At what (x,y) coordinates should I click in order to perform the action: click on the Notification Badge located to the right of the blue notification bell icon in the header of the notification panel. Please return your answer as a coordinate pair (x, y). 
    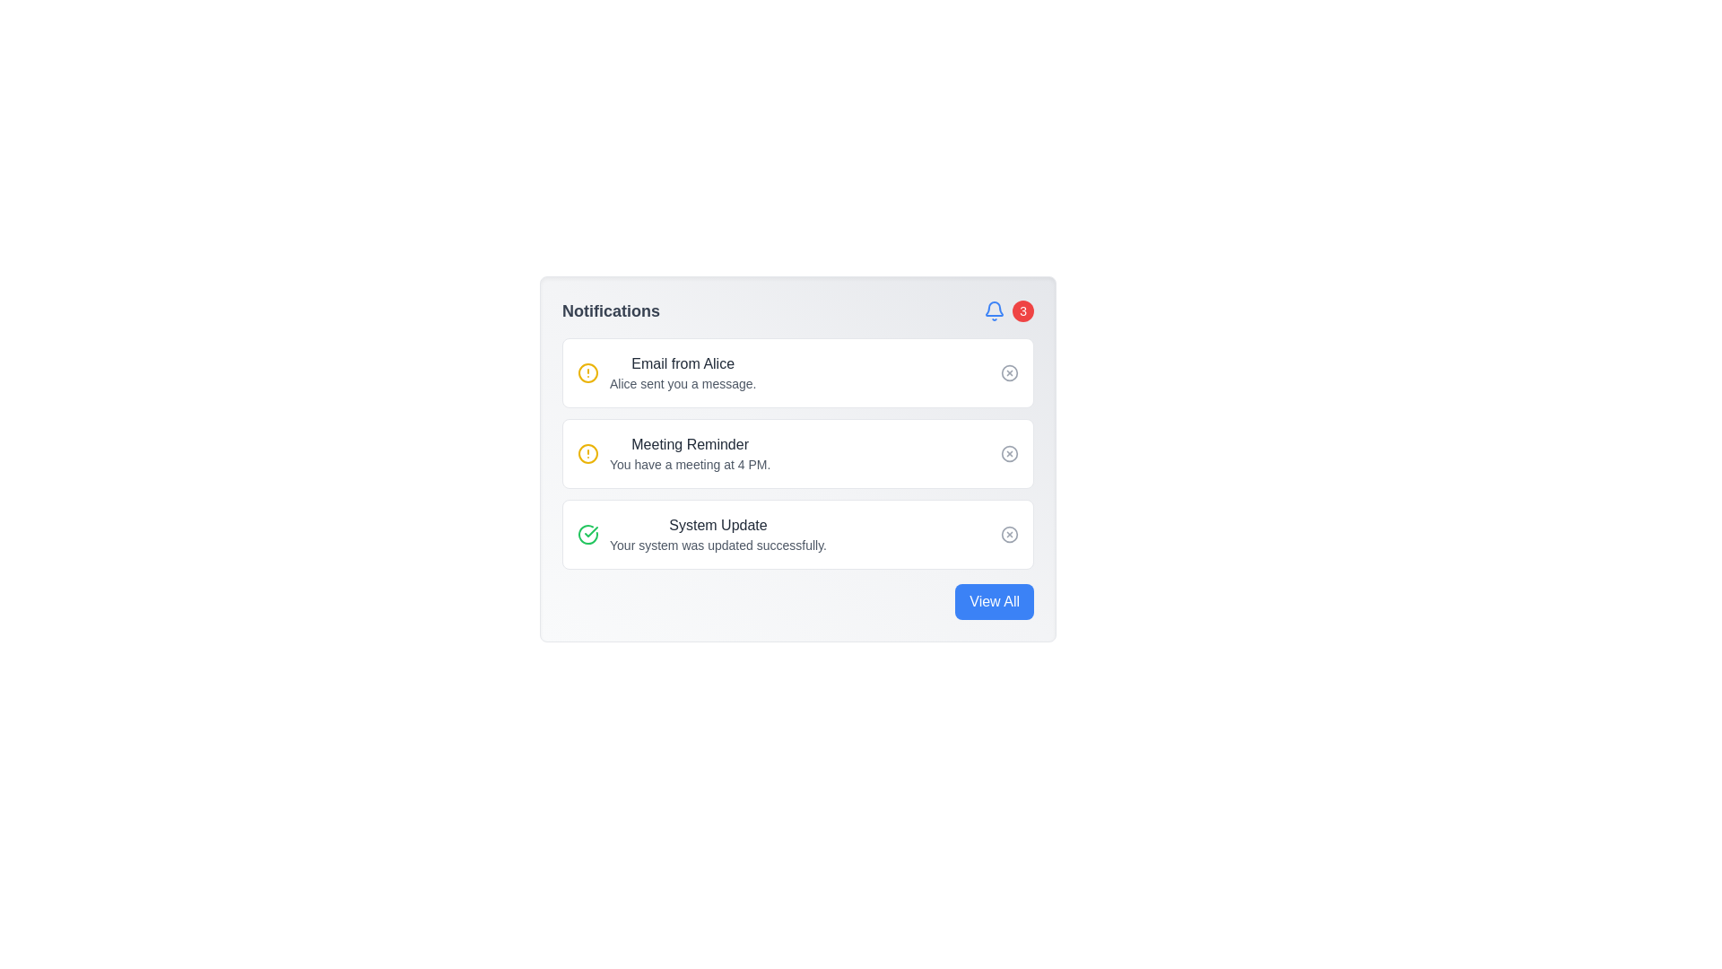
    Looking at the image, I should click on (1023, 310).